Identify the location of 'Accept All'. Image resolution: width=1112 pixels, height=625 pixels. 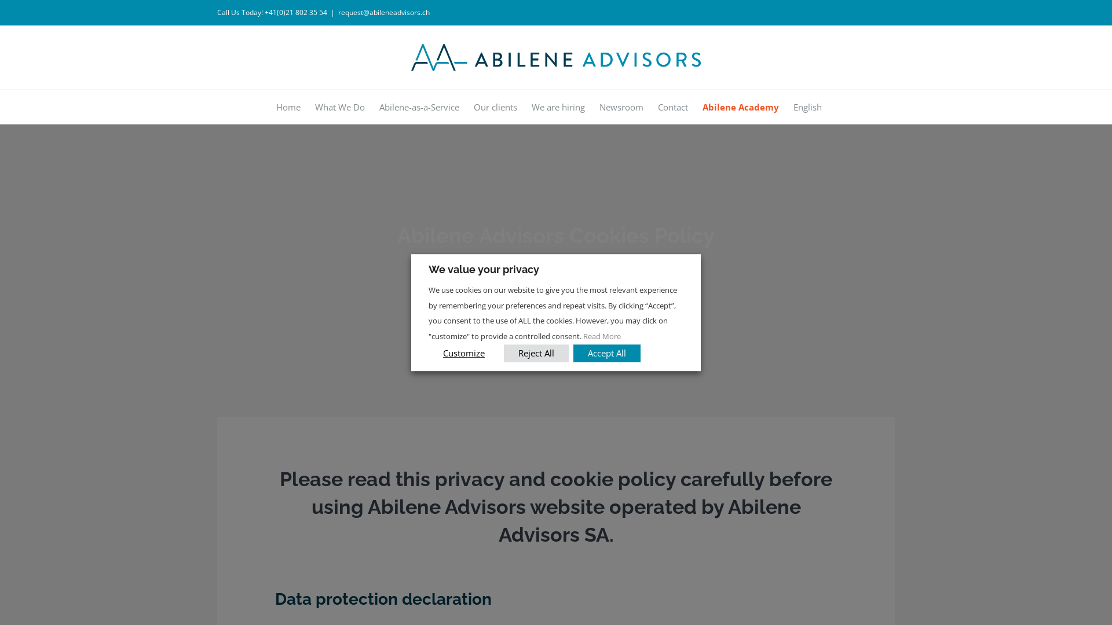
(606, 352).